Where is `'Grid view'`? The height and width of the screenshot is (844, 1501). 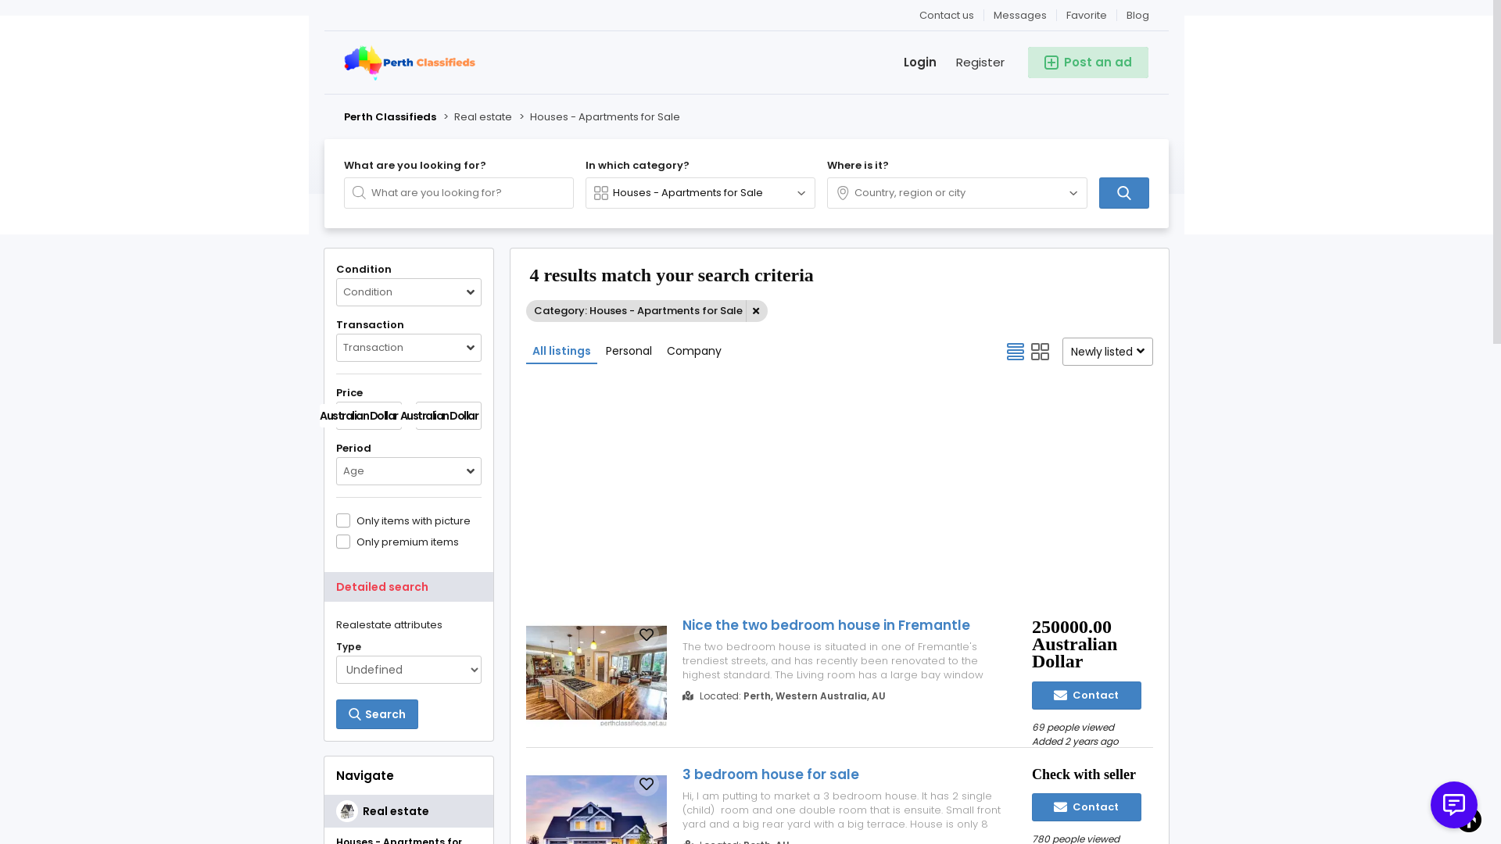
'Grid view' is located at coordinates (1040, 352).